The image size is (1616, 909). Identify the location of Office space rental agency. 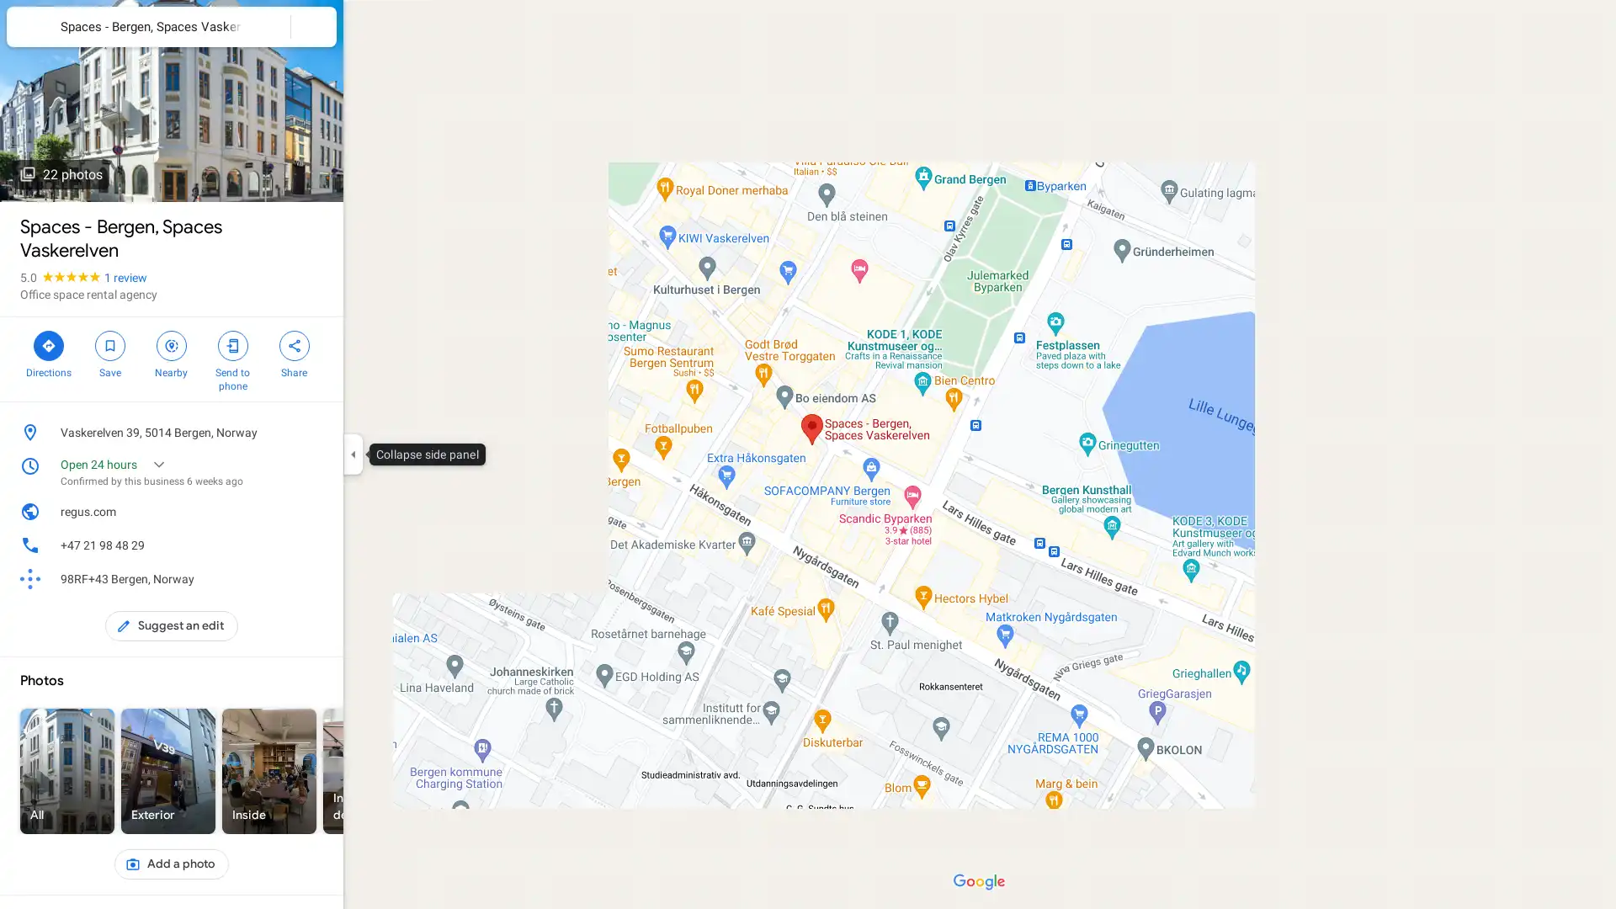
(88, 294).